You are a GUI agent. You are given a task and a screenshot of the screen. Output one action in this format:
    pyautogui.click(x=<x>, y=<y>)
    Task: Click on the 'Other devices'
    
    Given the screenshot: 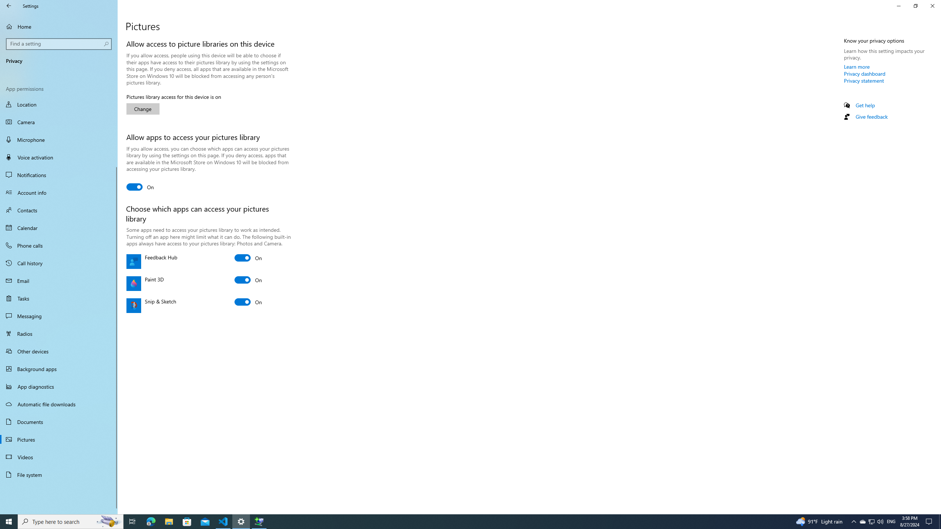 What is the action you would take?
    pyautogui.click(x=58, y=351)
    